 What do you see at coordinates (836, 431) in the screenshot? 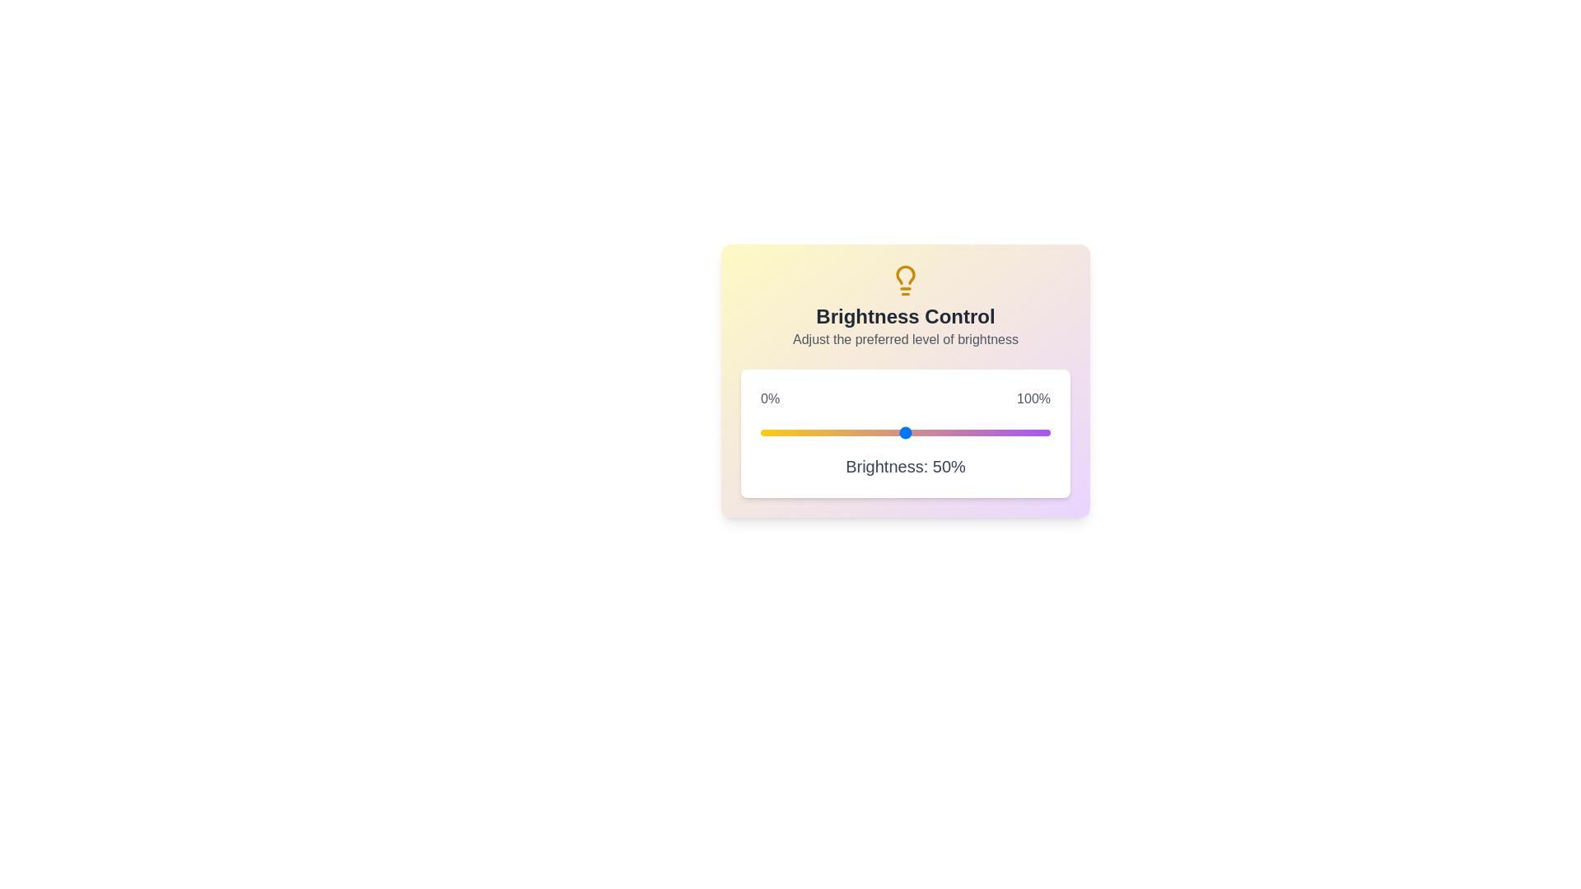
I see `the brightness to 26% by moving the slider` at bounding box center [836, 431].